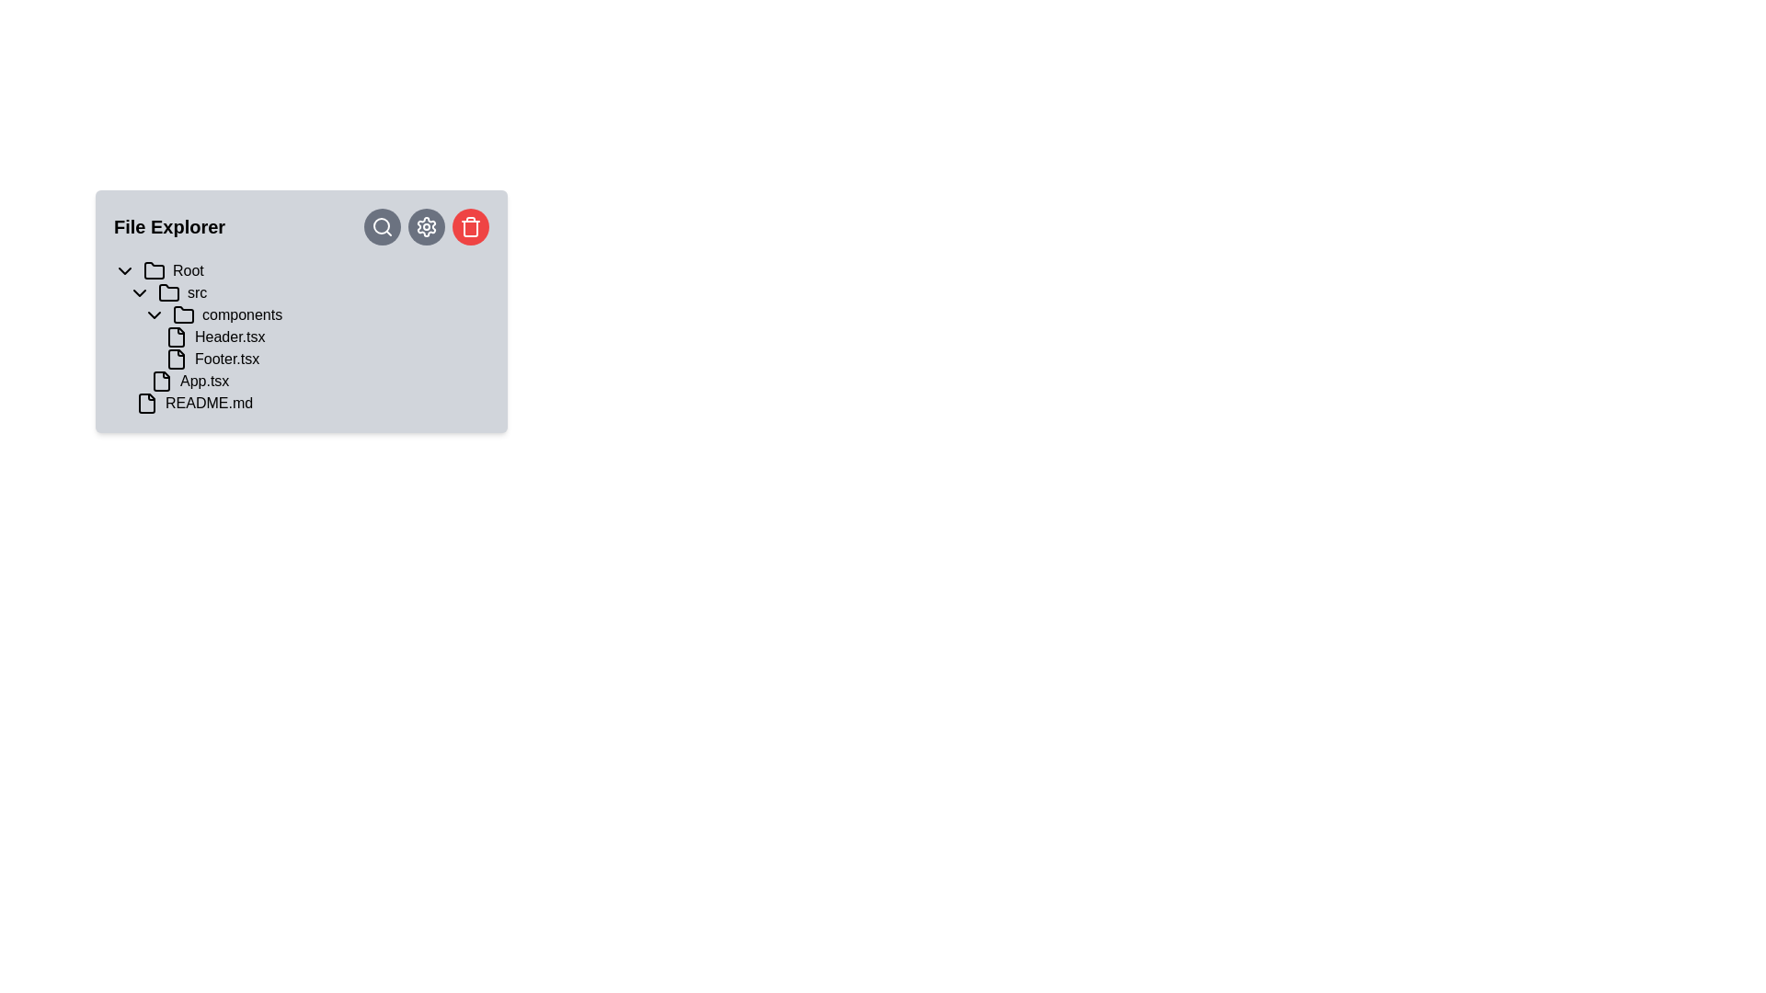 This screenshot has height=993, width=1766. I want to click on the text label representing the file named 'README.md' in the file explorer, so click(209, 403).